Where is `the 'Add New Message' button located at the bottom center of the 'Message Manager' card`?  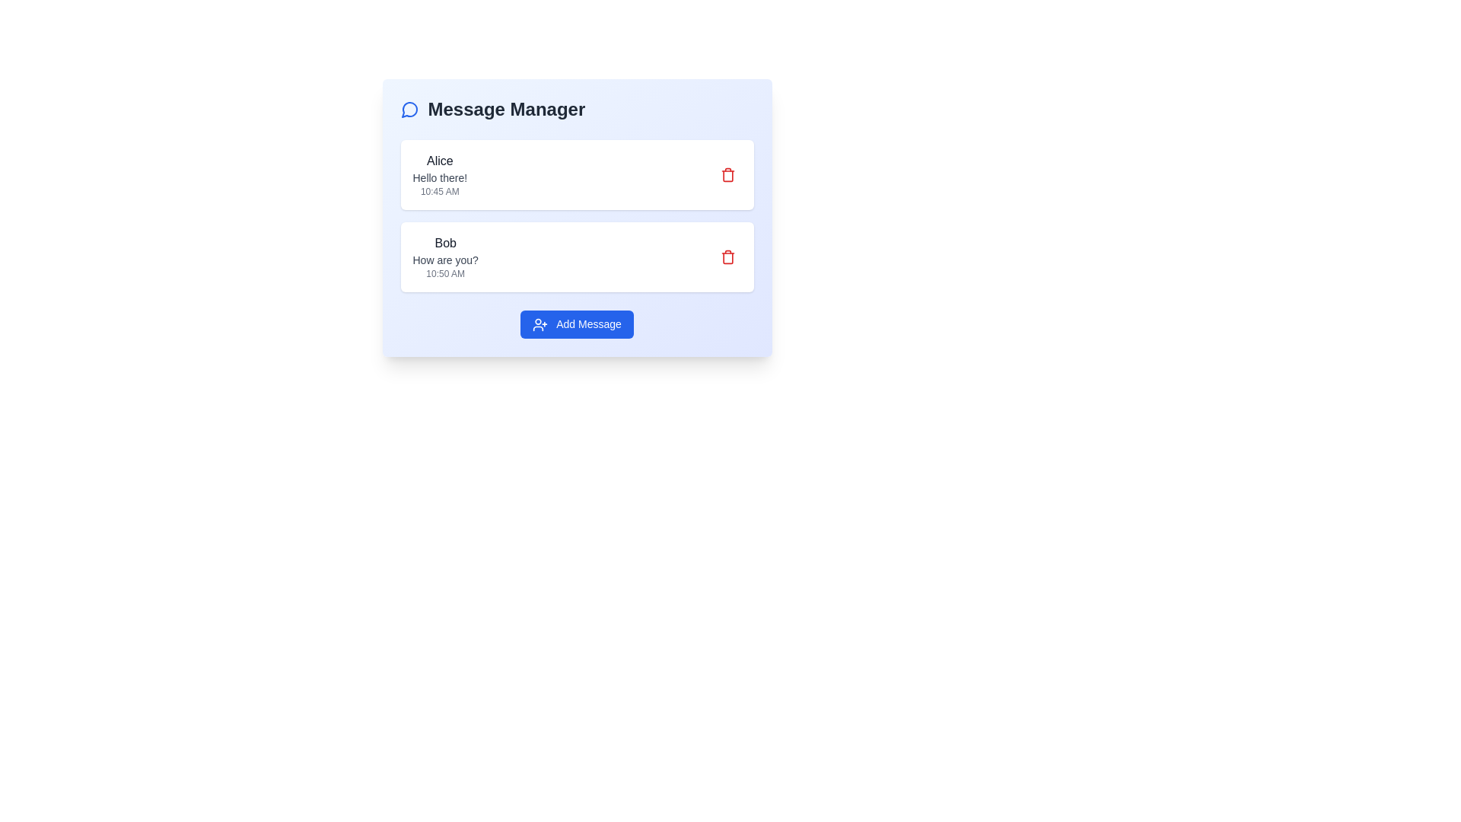 the 'Add New Message' button located at the bottom center of the 'Message Manager' card is located at coordinates (576, 323).